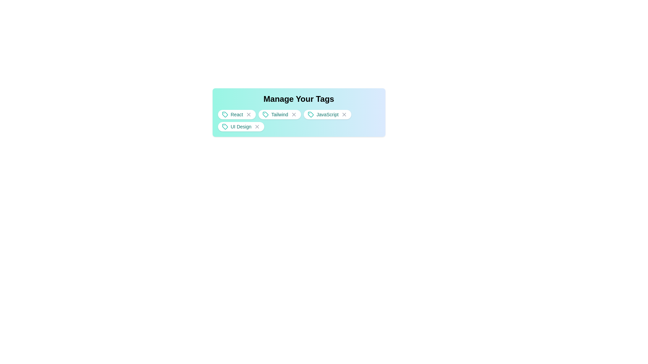  I want to click on the tag Tailwind by clicking its close button, so click(294, 114).